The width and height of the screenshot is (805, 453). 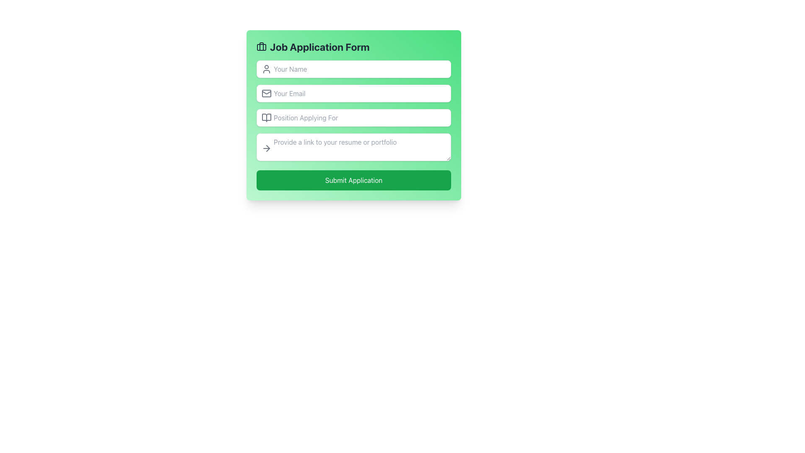 I want to click on the gray arrow icon pointing to the right, which is located adjacent to the input field for providing a resume or portfolio link in the Job Application Form, so click(x=266, y=148).